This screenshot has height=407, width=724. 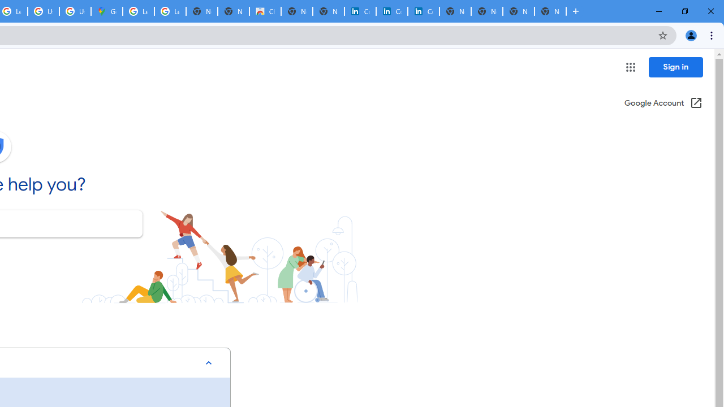 I want to click on 'Google Maps', so click(x=107, y=11).